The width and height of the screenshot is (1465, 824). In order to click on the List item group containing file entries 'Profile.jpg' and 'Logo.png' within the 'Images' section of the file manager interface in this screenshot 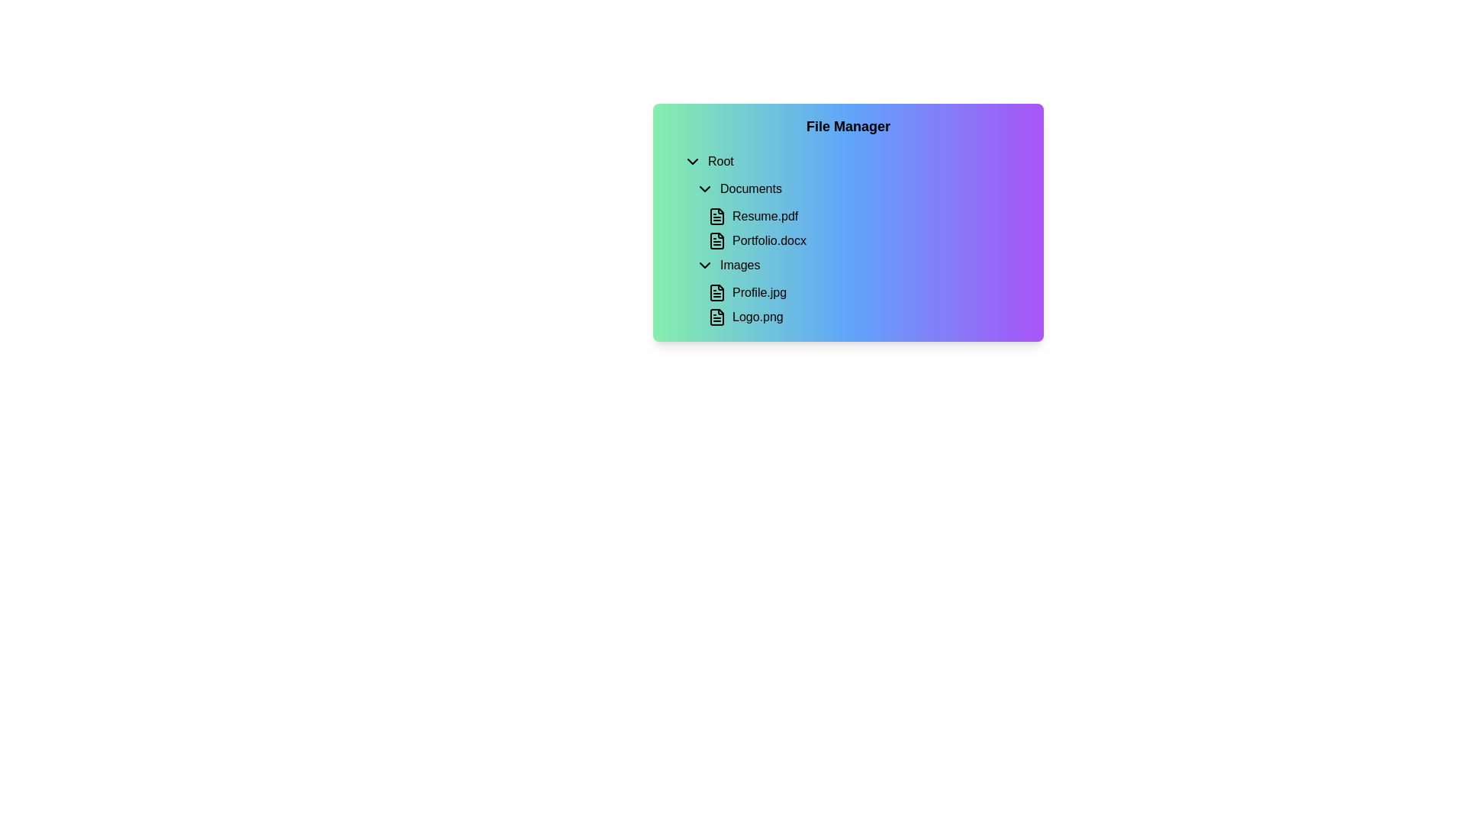, I will do `click(861, 305)`.